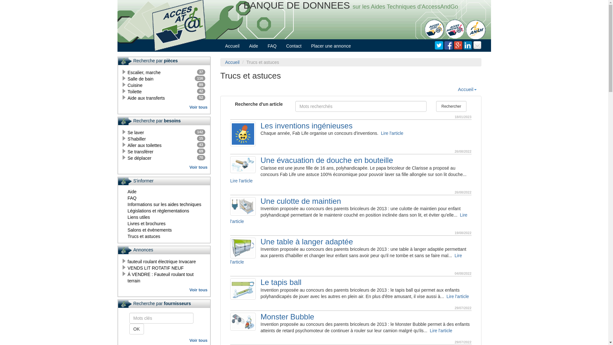  I want to click on 'Aide', so click(253, 45).